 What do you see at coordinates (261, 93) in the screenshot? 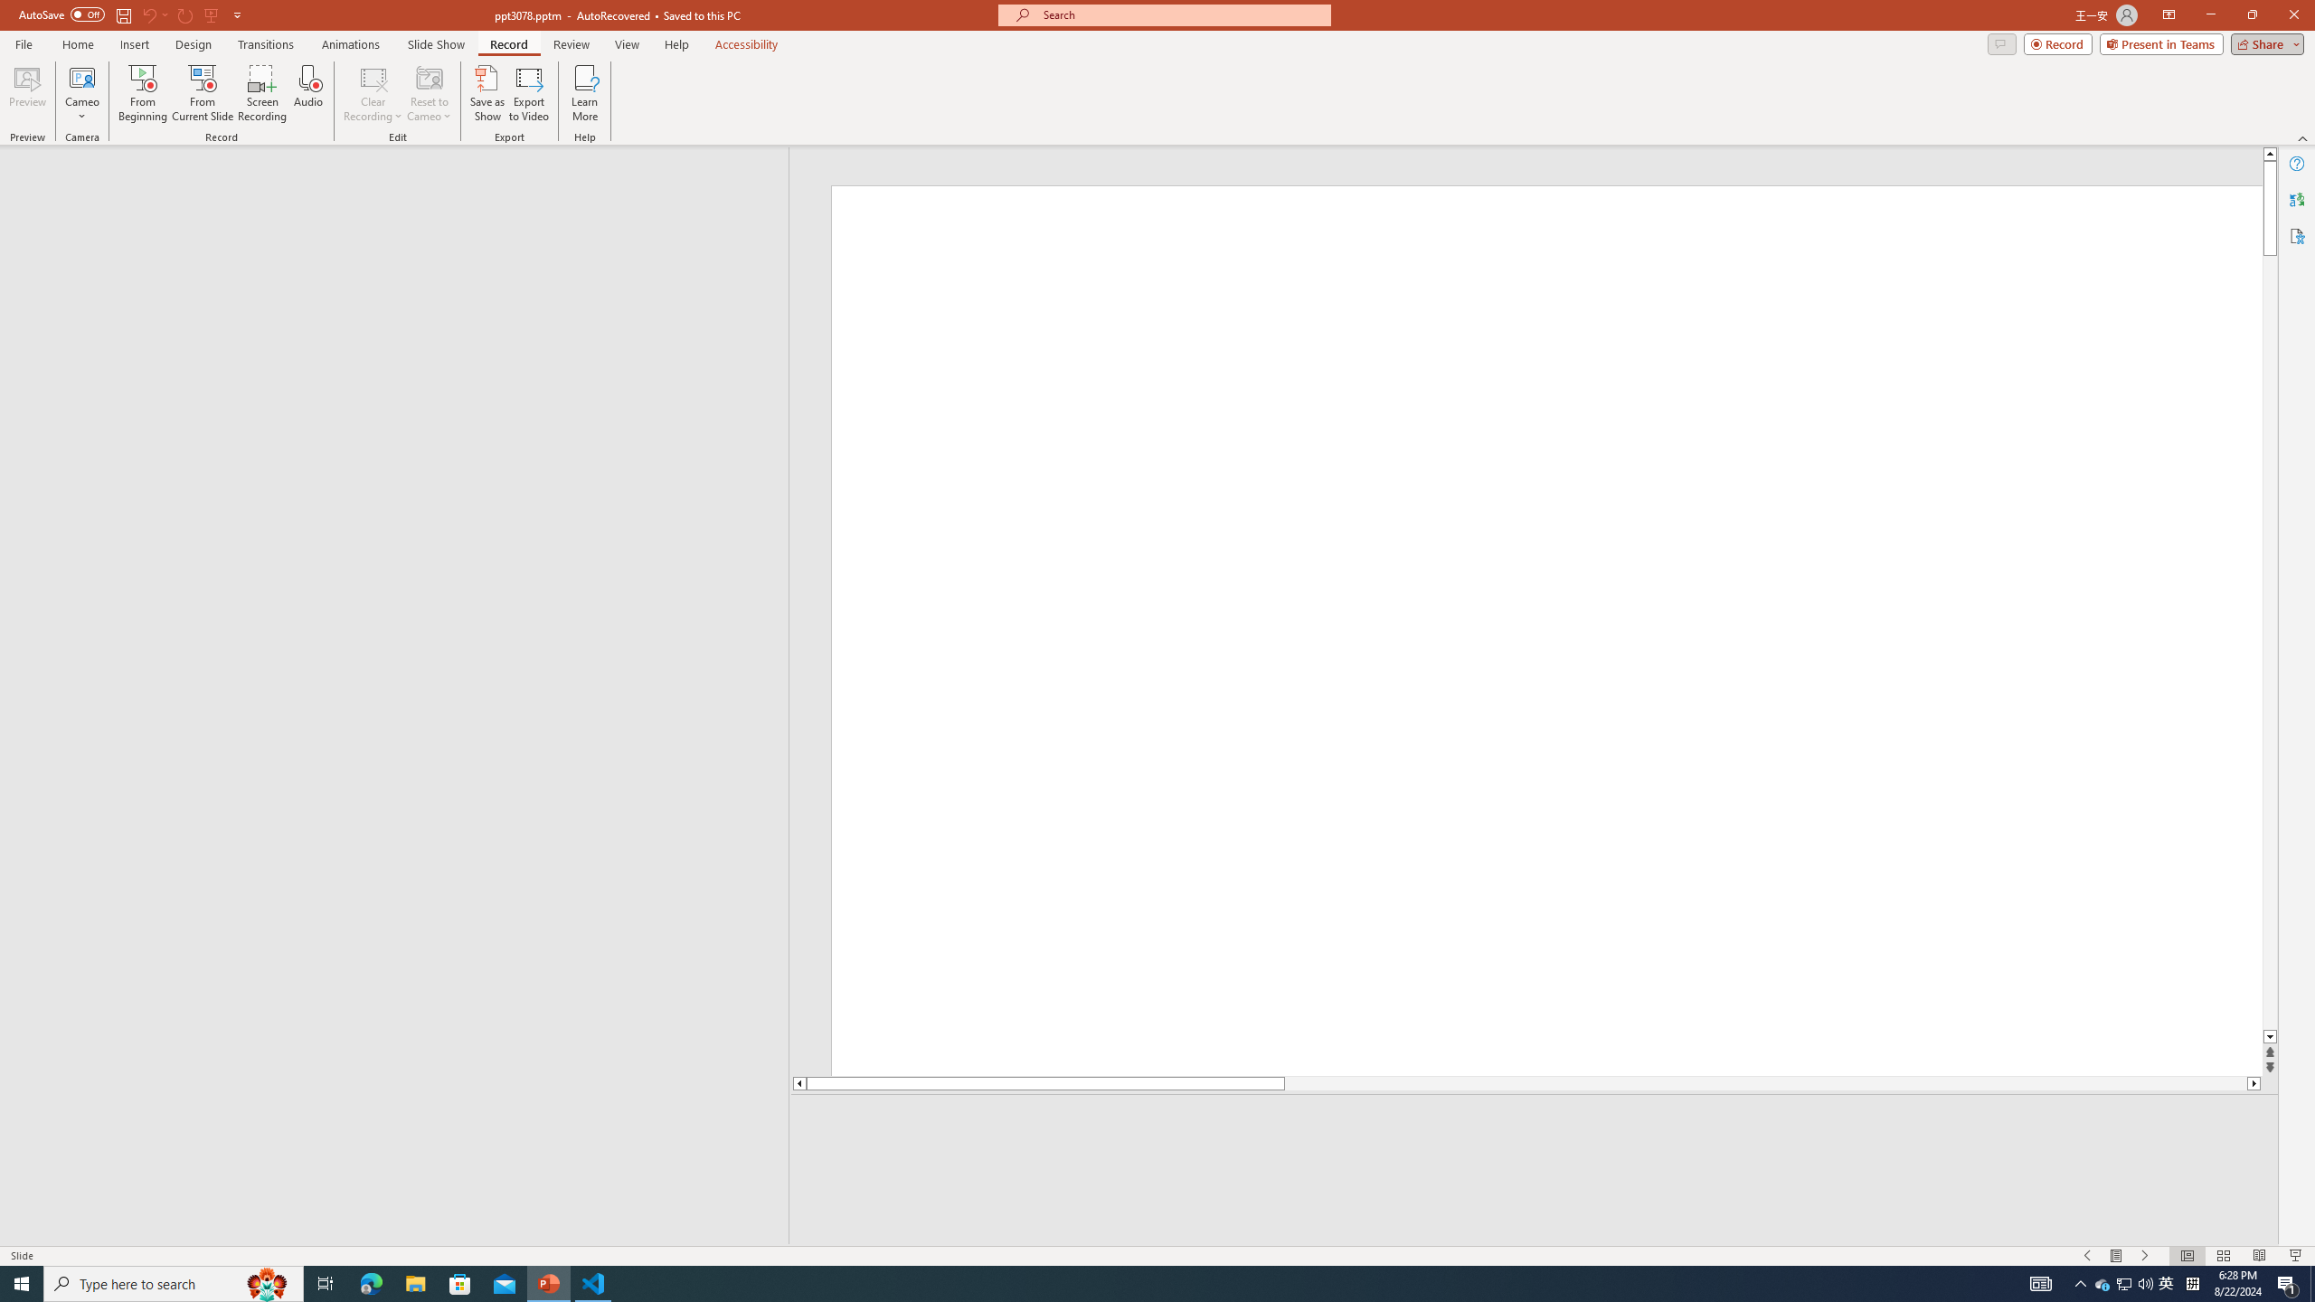
I see `'Screen Recording'` at bounding box center [261, 93].